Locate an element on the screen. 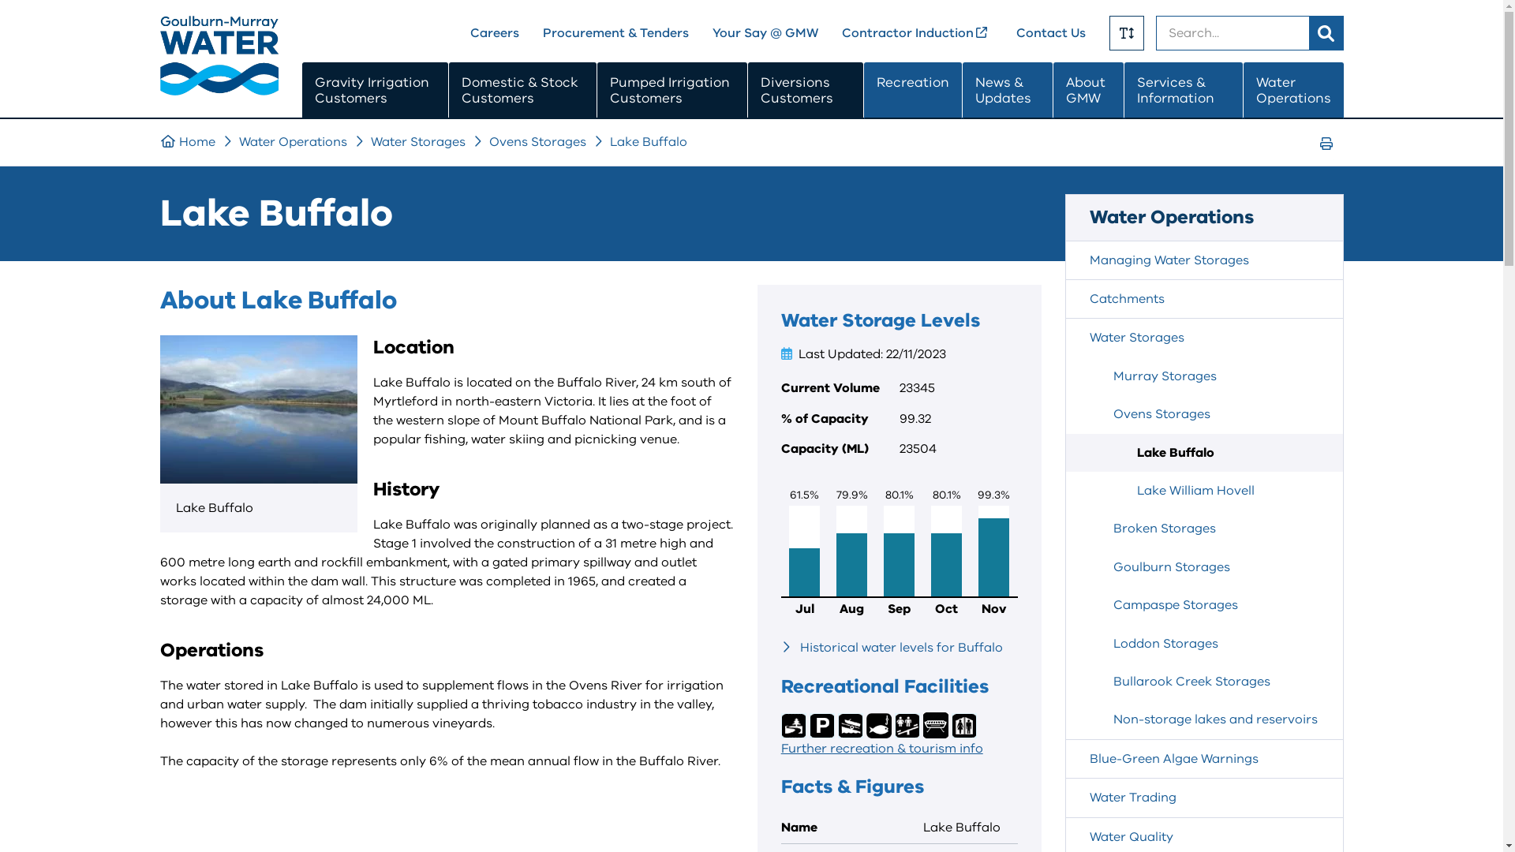 This screenshot has height=852, width=1515. 'Goulburn Storages' is located at coordinates (1203, 566).